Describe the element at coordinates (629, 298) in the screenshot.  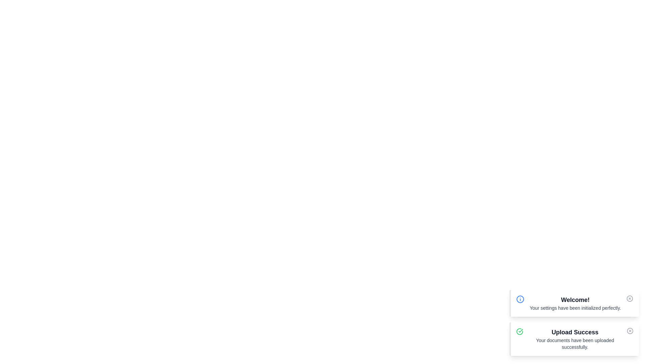
I see `the close button of the notification to dismiss it` at that location.